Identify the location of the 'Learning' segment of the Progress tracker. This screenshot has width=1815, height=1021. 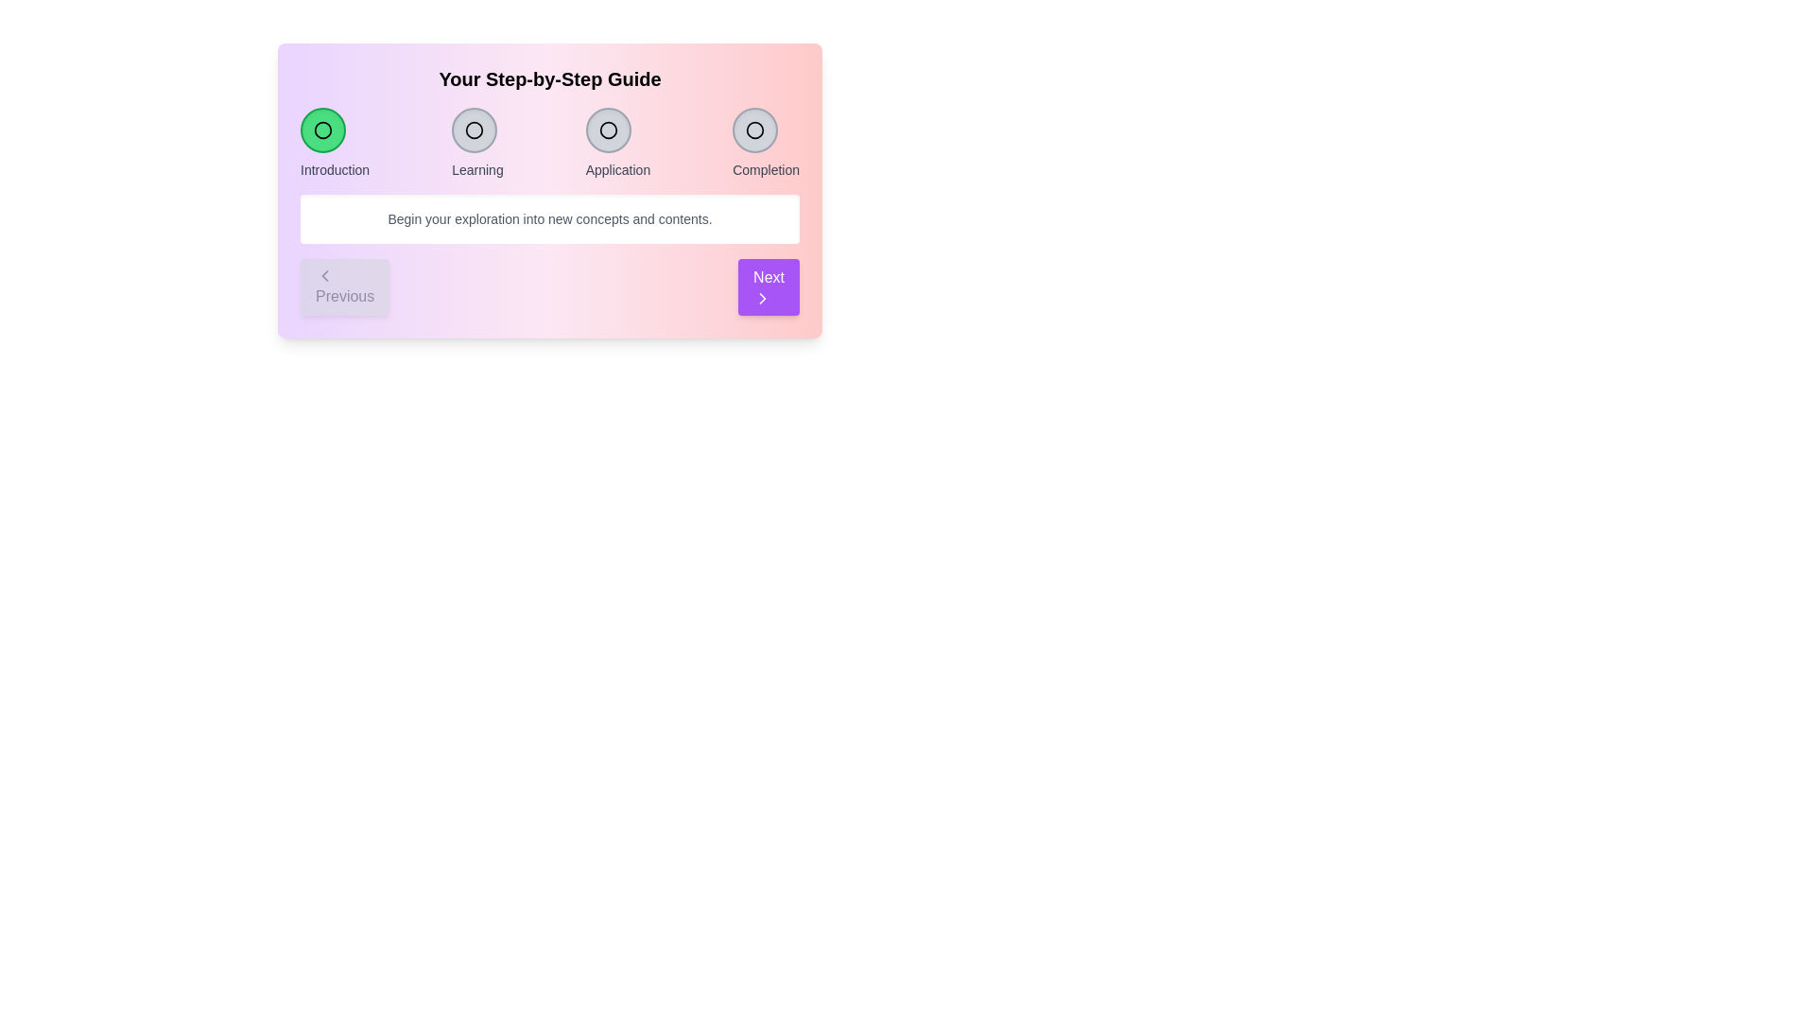
(548, 142).